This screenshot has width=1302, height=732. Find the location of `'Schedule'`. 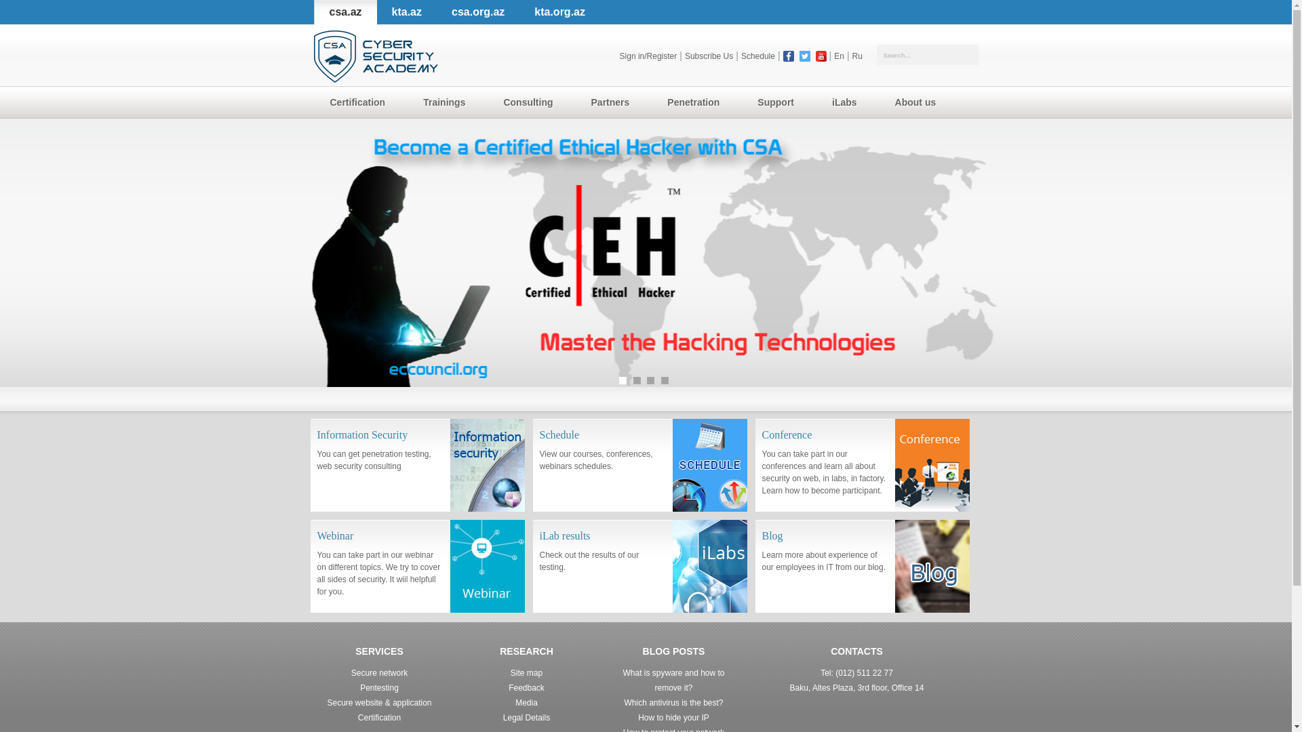

'Schedule' is located at coordinates (757, 56).